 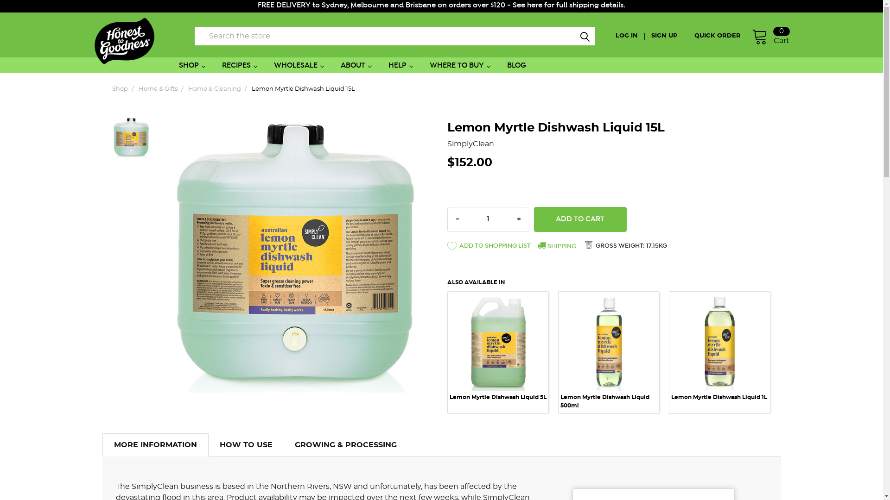 What do you see at coordinates (131, 137) in the screenshot?
I see `'Lemon Myrtle Dishwash Liquid 15L 1'` at bounding box center [131, 137].